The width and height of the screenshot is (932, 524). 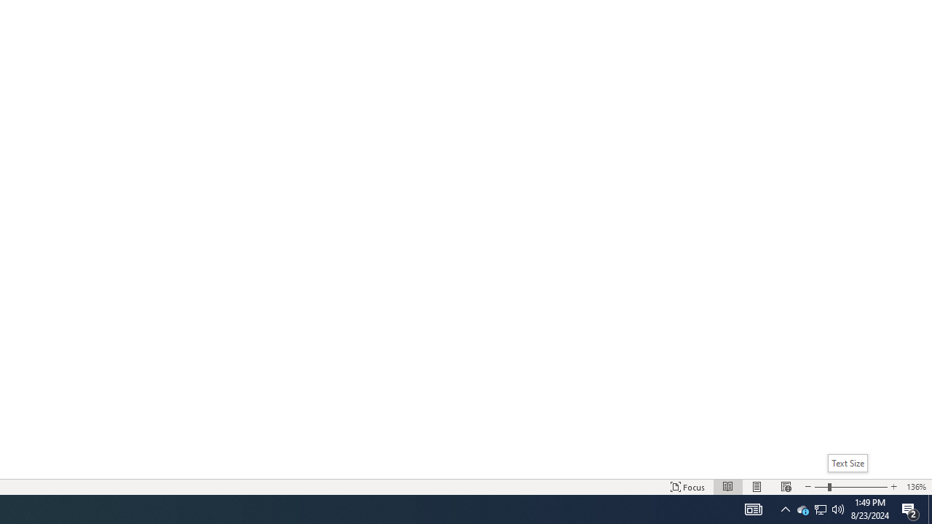 I want to click on 'Focus ', so click(x=687, y=487).